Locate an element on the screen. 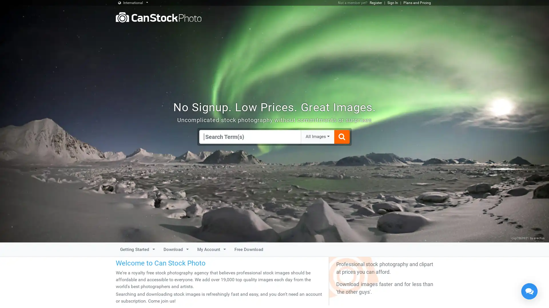 Image resolution: width=549 pixels, height=308 pixels. My Account is located at coordinates (211, 249).